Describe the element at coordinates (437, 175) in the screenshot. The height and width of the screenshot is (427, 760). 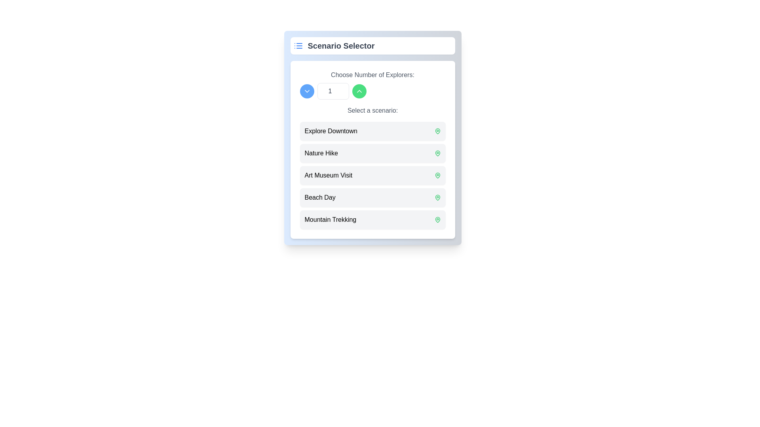
I see `the location pin icon representing the 'Art Museum Visit' option located in the third item of the 'Select a scenario' section` at that location.